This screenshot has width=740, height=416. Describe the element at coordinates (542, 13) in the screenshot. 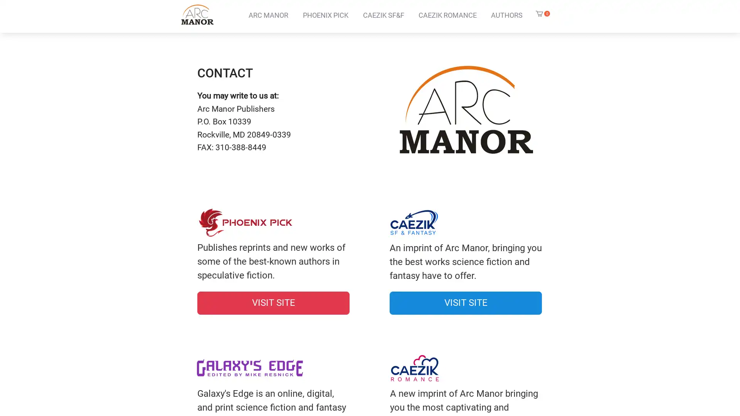

I see `Cart with 0 items` at that location.